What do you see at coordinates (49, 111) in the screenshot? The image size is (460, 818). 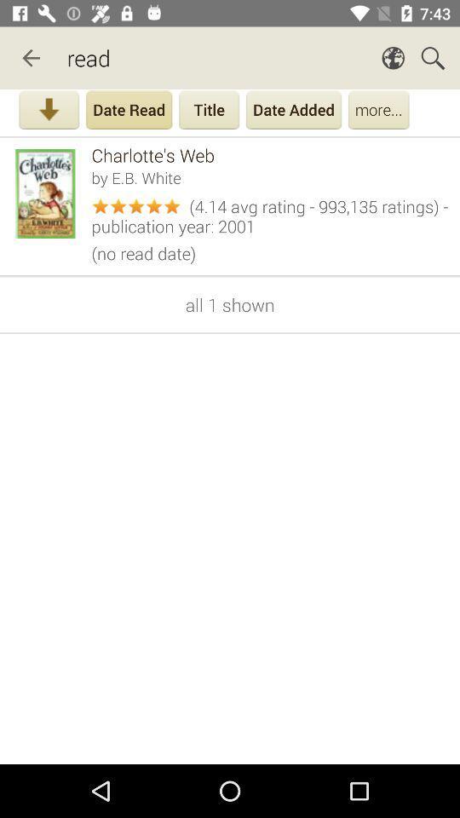 I see `download the app` at bounding box center [49, 111].